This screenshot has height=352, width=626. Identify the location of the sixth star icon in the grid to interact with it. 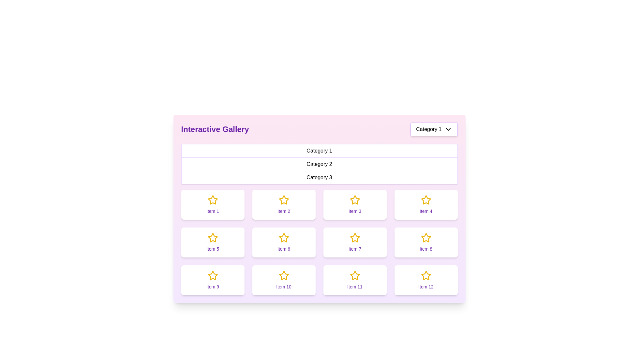
(284, 238).